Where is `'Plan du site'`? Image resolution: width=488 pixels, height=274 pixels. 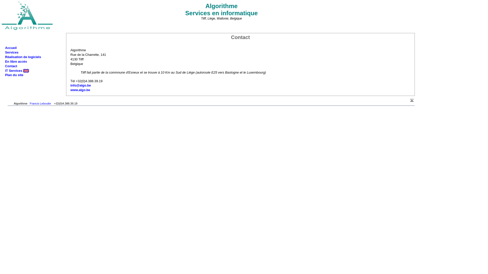 'Plan du site' is located at coordinates (5, 75).